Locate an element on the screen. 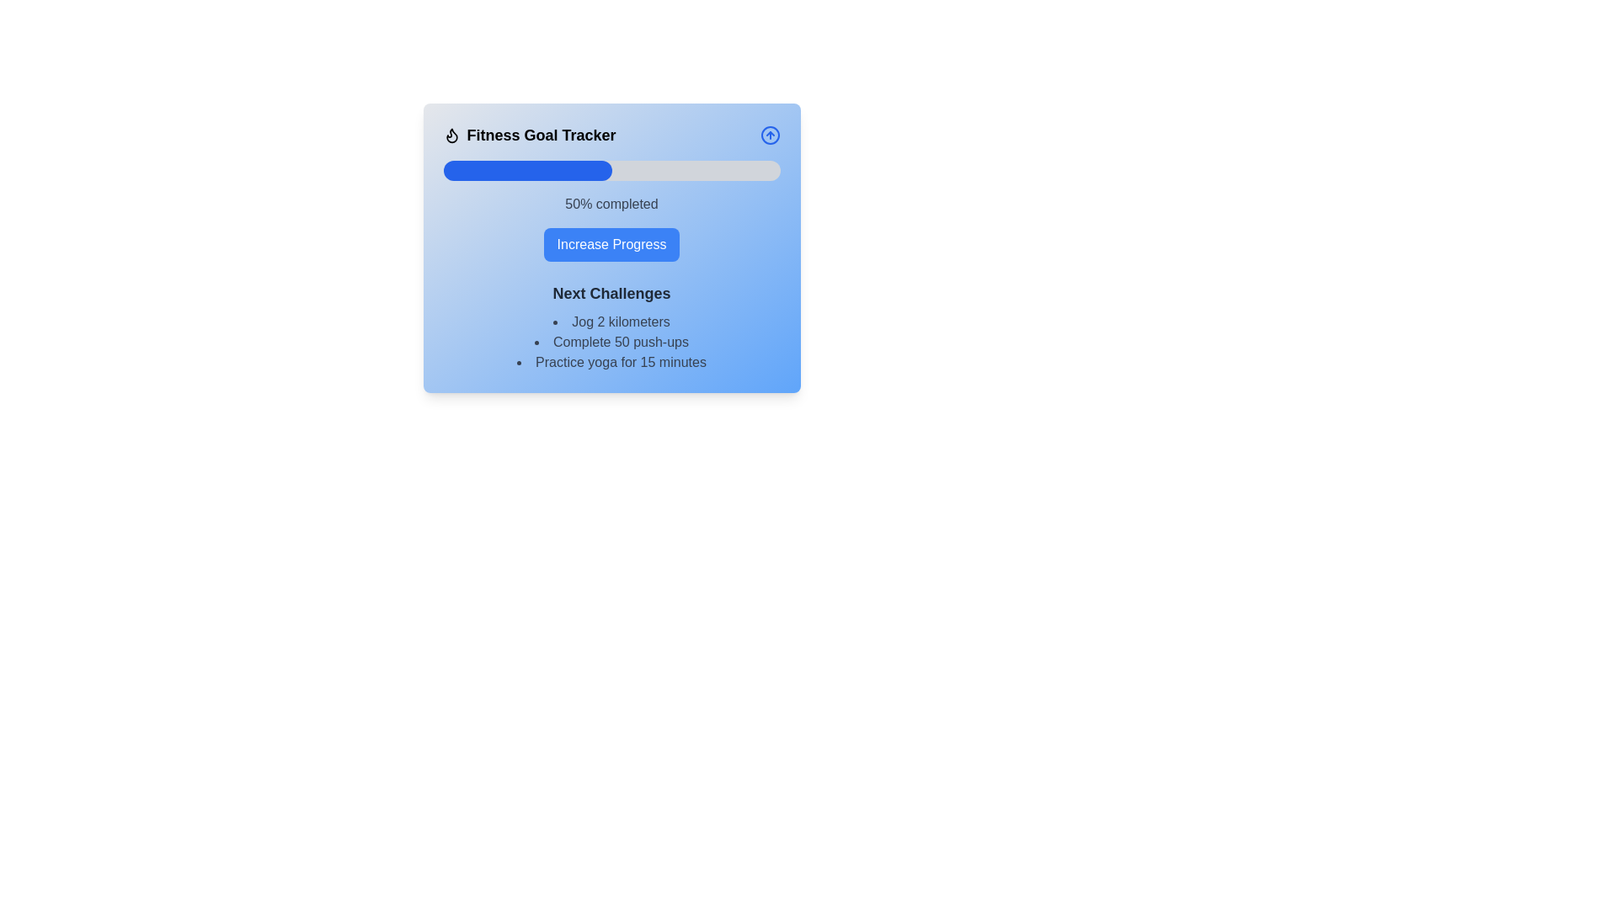  the SVG Circle located at the top-right corner of the 'Fitness Goal Tracker' card, next to the progress bar and challenge list is located at coordinates (769, 135).